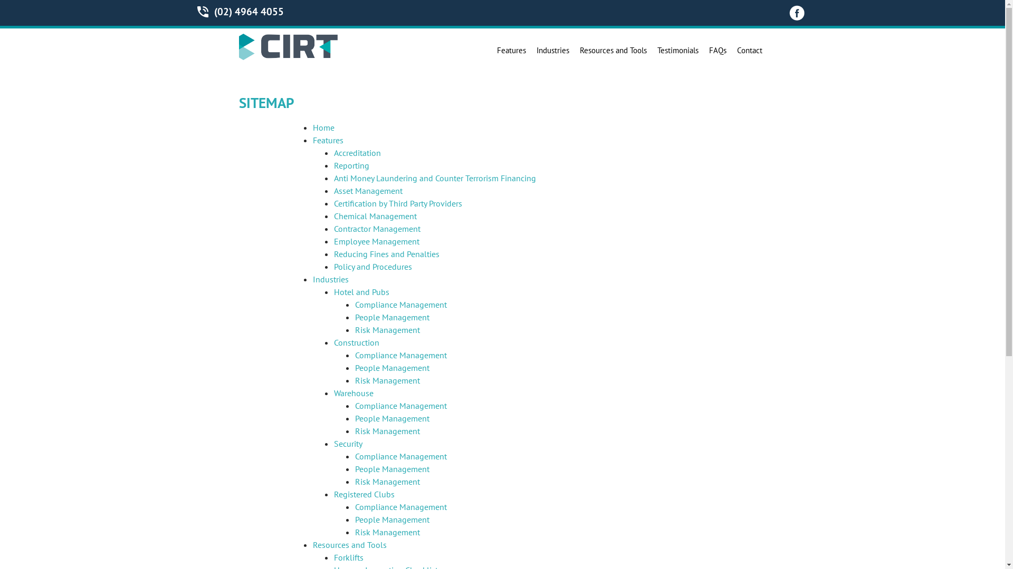 The image size is (1013, 569). I want to click on 'Accreditation', so click(357, 152).